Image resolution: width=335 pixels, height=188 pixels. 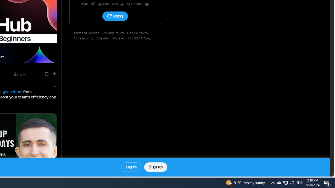 I want to click on 'Share post', so click(x=54, y=74).